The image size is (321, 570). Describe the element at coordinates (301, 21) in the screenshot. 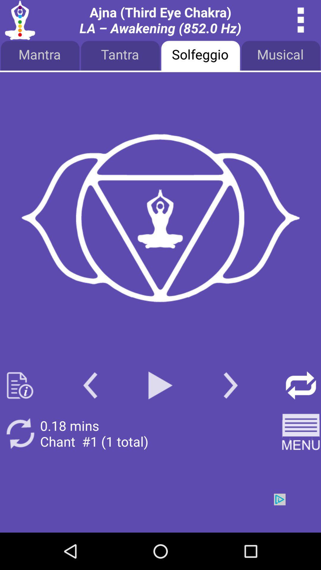

I see `the more icon` at that location.